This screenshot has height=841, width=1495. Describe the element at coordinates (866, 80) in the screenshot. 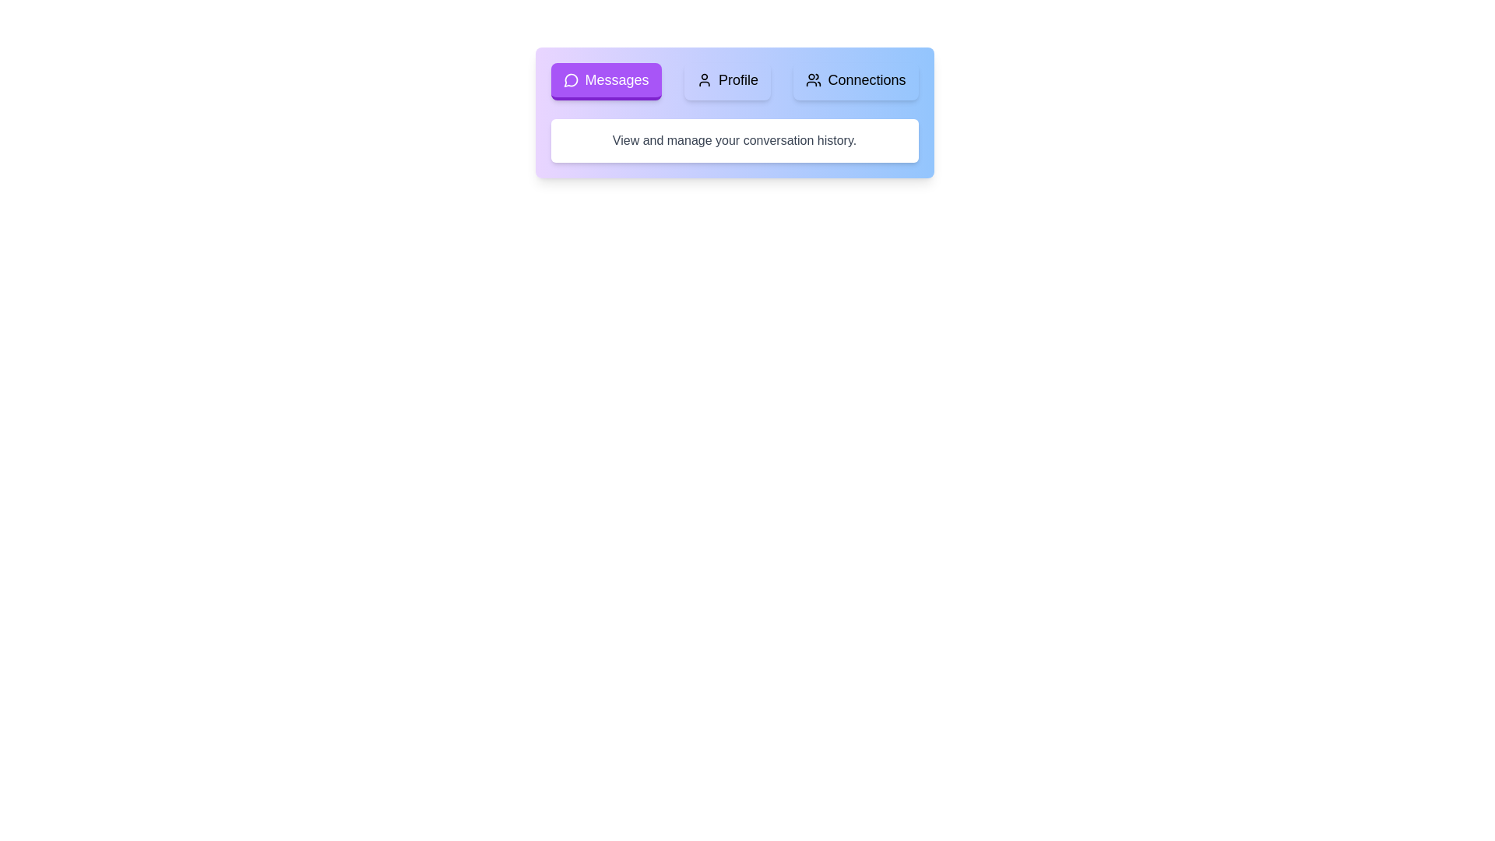

I see `the 'Connections' text label within the navigation button located in the top right portion of the interface` at that location.